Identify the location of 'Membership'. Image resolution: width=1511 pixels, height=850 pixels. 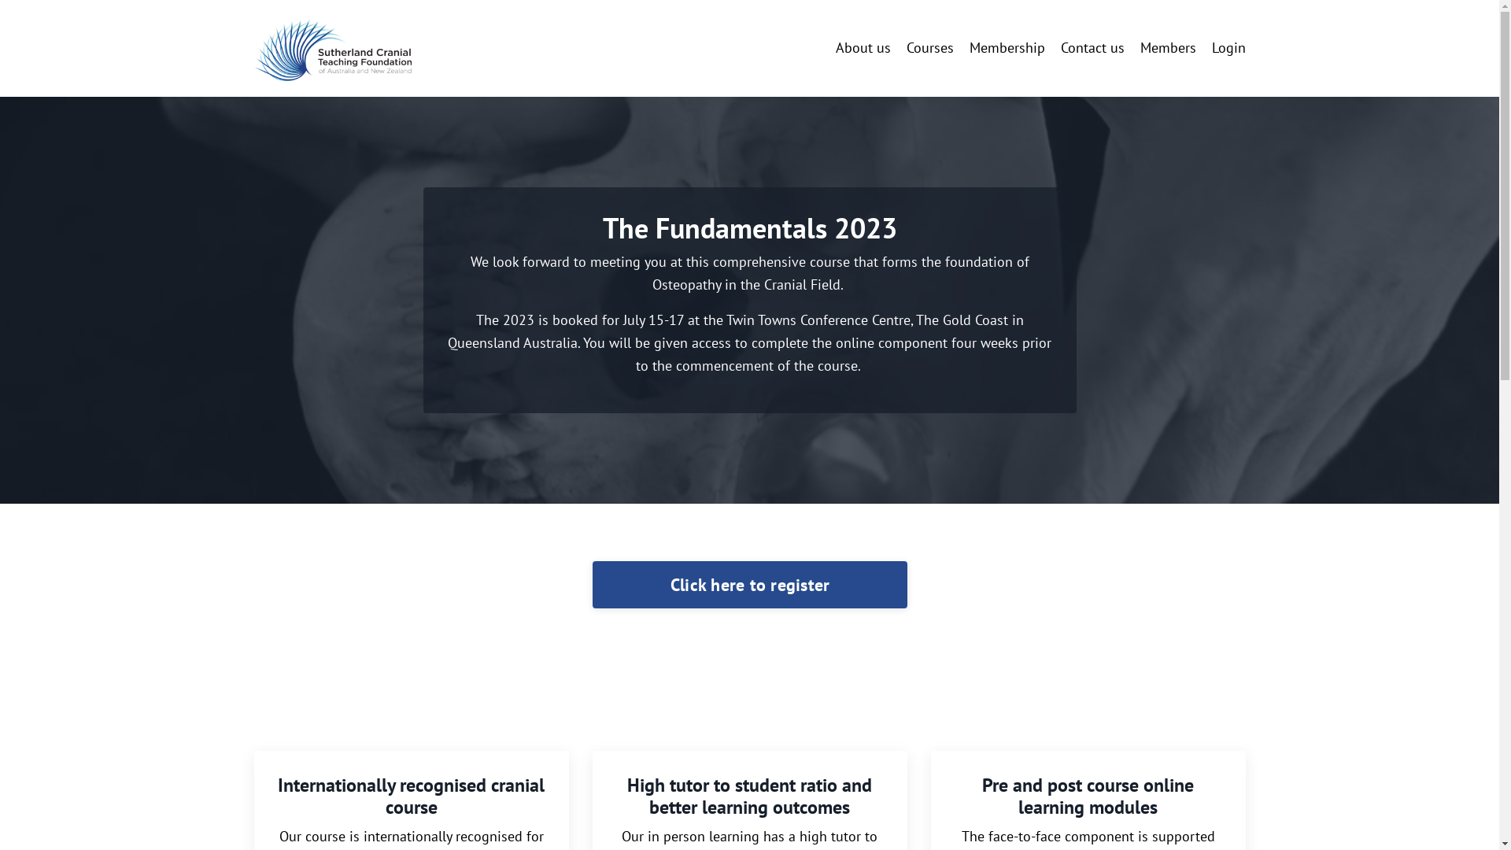
(1007, 47).